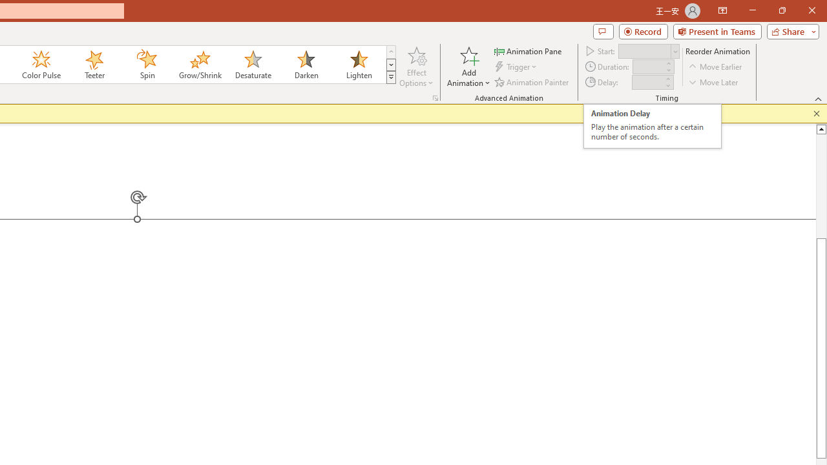  Describe the element at coordinates (648, 67) in the screenshot. I see `'Animation Duration'` at that location.